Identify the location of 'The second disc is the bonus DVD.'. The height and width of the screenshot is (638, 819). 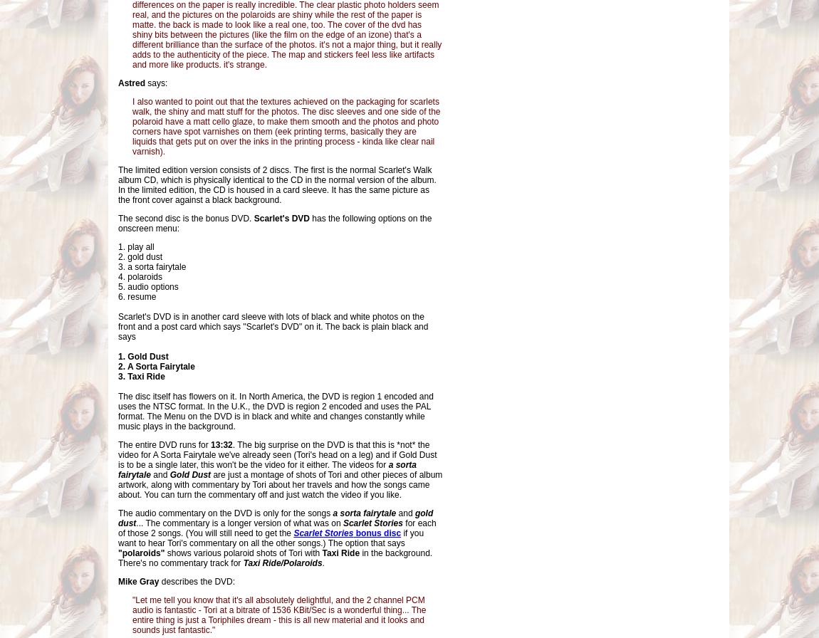
(185, 218).